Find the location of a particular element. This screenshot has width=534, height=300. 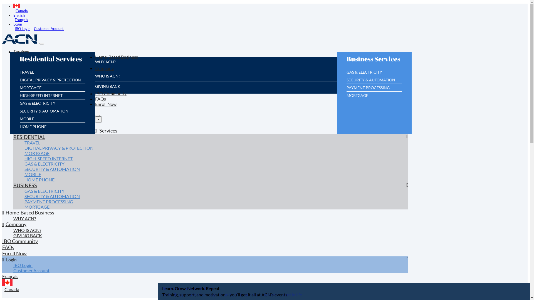

'PAYMENT PROCESSING' is located at coordinates (368, 89).